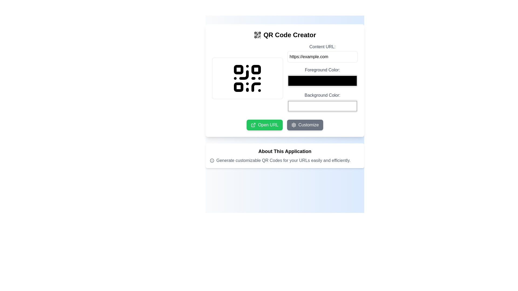  Describe the element at coordinates (285, 156) in the screenshot. I see `the informational content section titled 'About This Application', which contains a description in smaller gray font, located at the bottom of the main interface` at that location.